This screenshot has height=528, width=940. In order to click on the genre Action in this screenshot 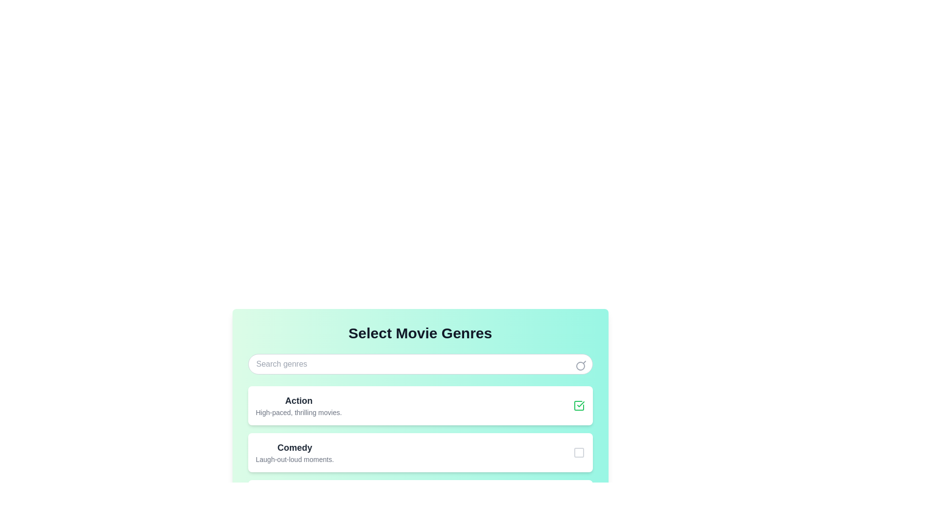, I will do `click(579, 405)`.